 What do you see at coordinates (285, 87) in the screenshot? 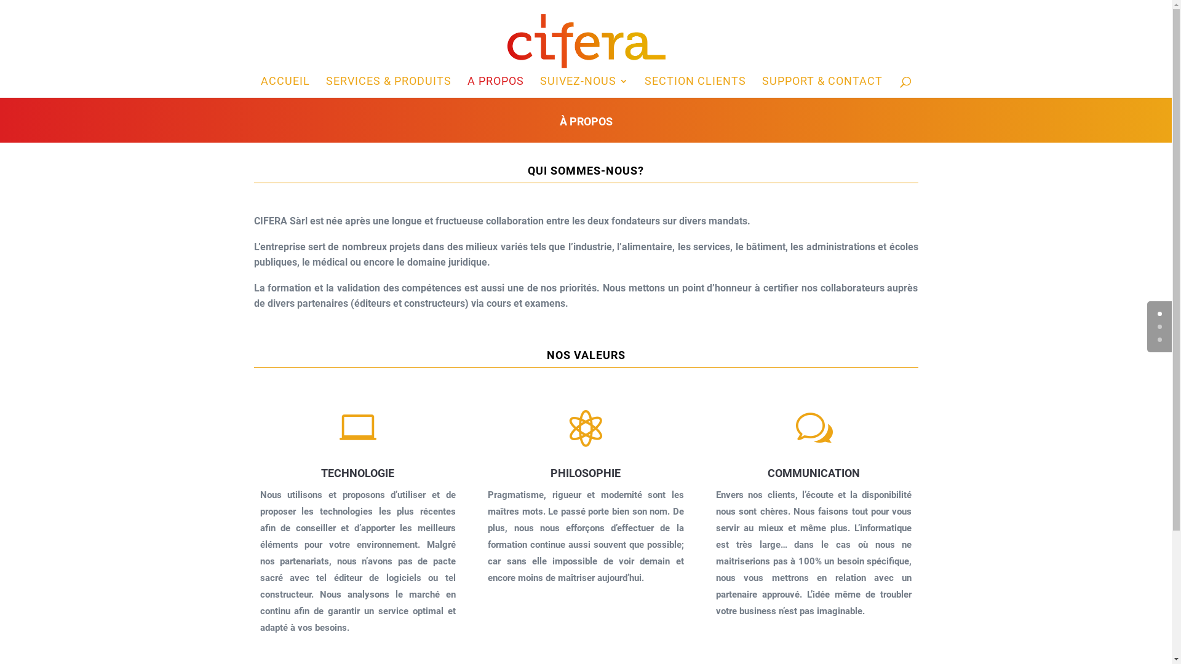
I see `'ACCUEIL'` at bounding box center [285, 87].